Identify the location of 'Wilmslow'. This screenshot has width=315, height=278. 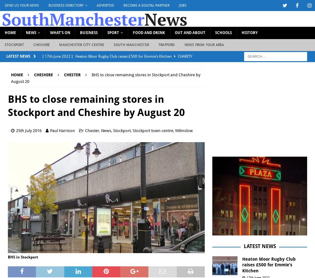
(184, 130).